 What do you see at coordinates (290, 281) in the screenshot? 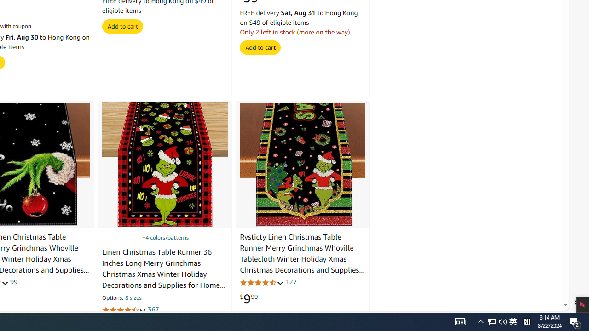
I see `'127'` at bounding box center [290, 281].